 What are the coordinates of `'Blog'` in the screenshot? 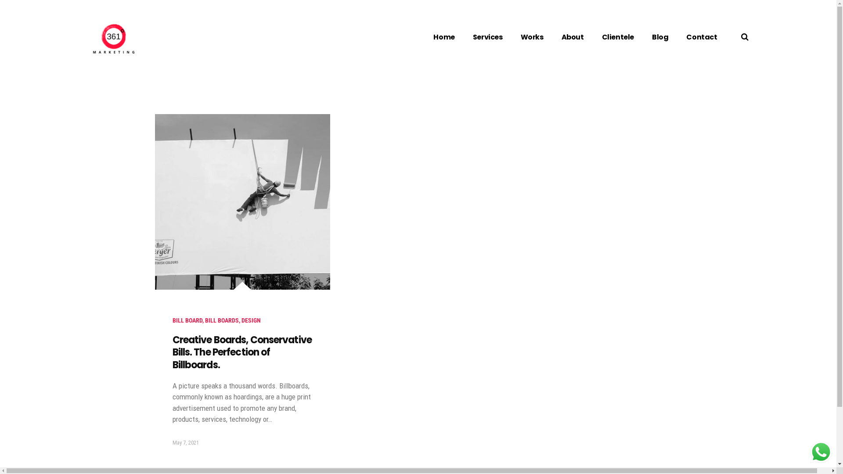 It's located at (660, 36).